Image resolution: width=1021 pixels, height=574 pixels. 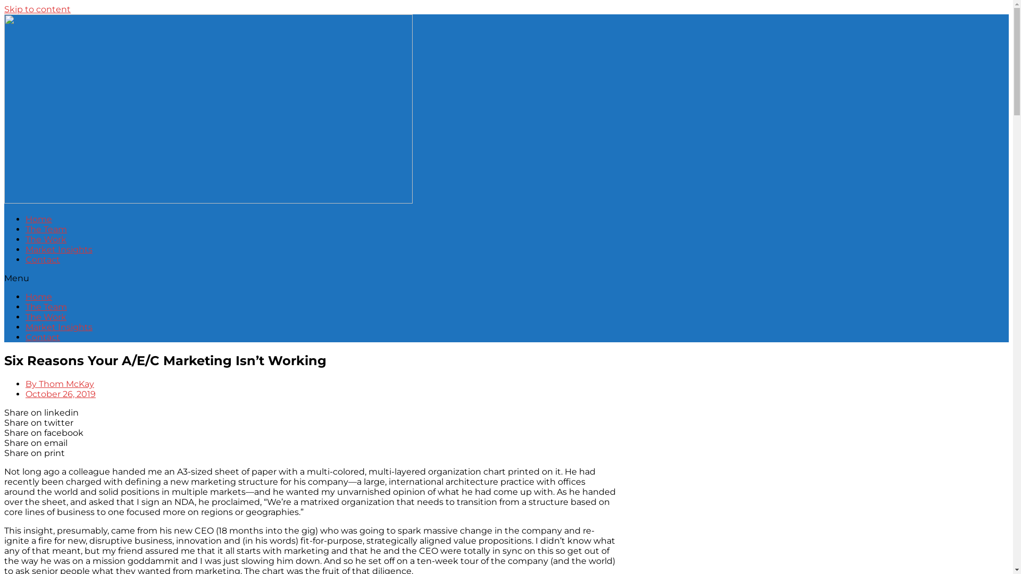 I want to click on 'Contact', so click(x=43, y=259).